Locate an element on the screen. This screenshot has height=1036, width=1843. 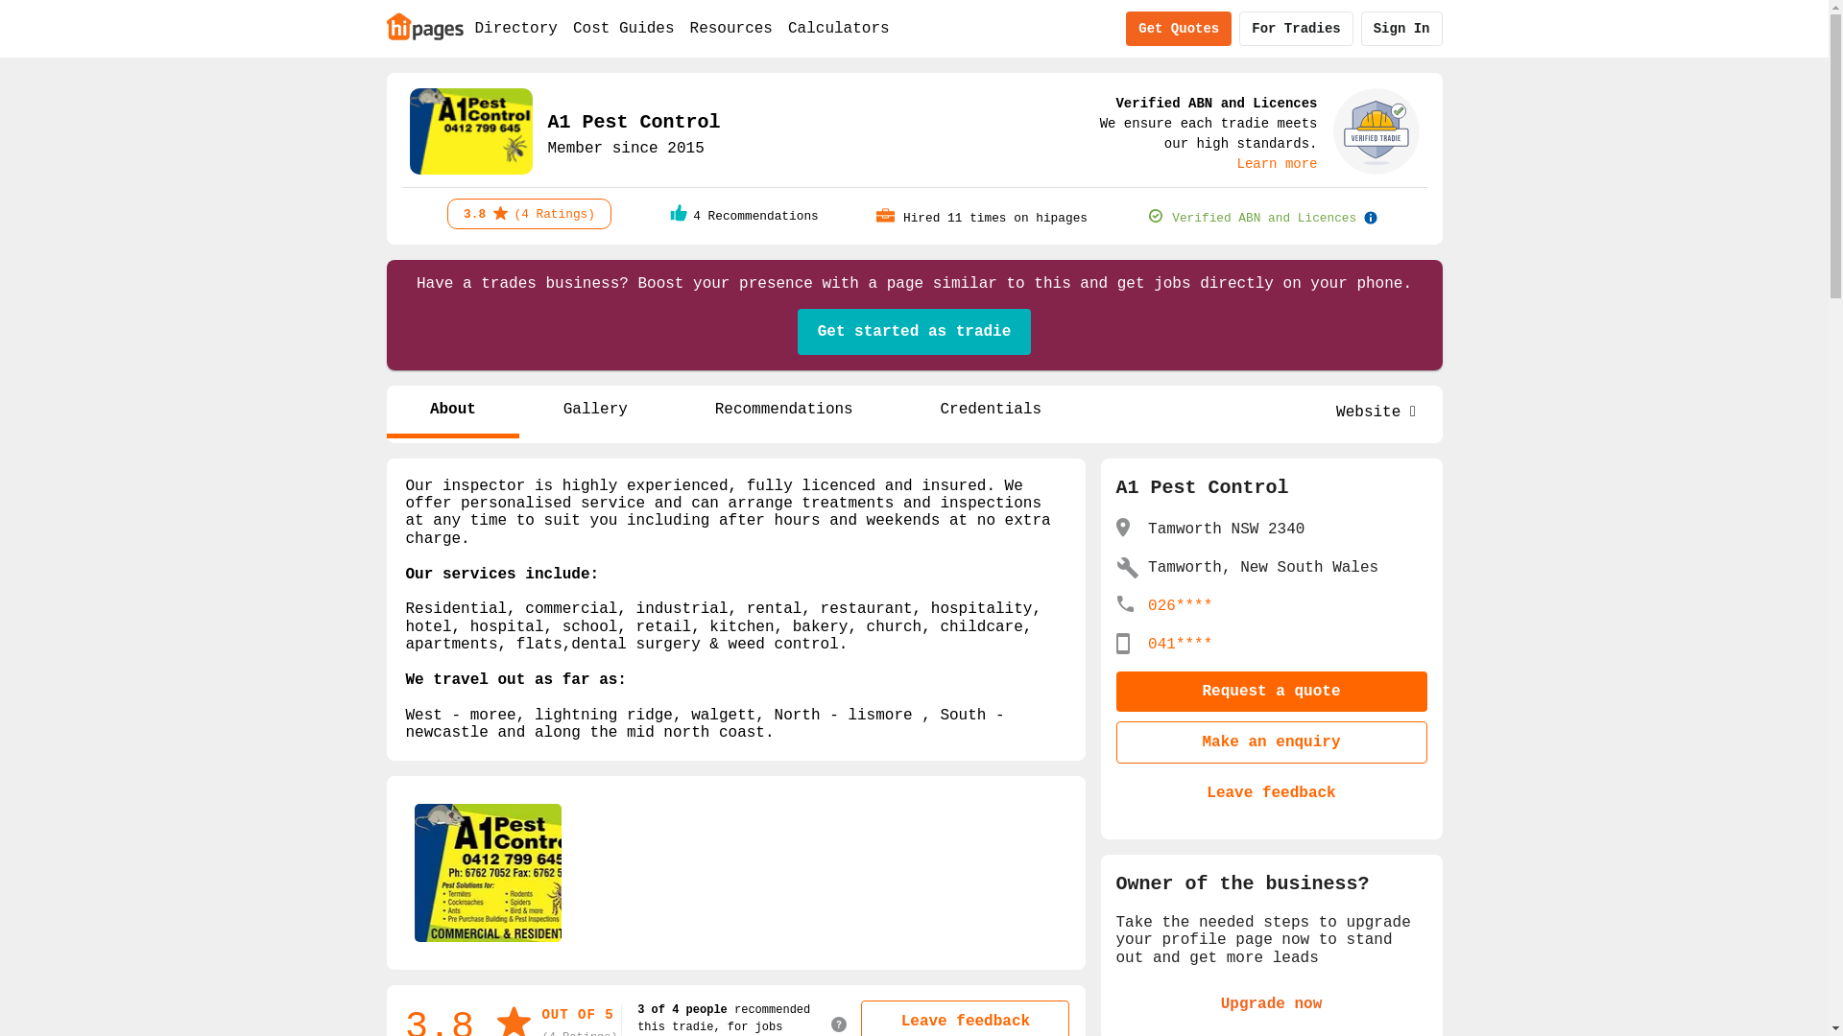
'Calculators' is located at coordinates (838, 29).